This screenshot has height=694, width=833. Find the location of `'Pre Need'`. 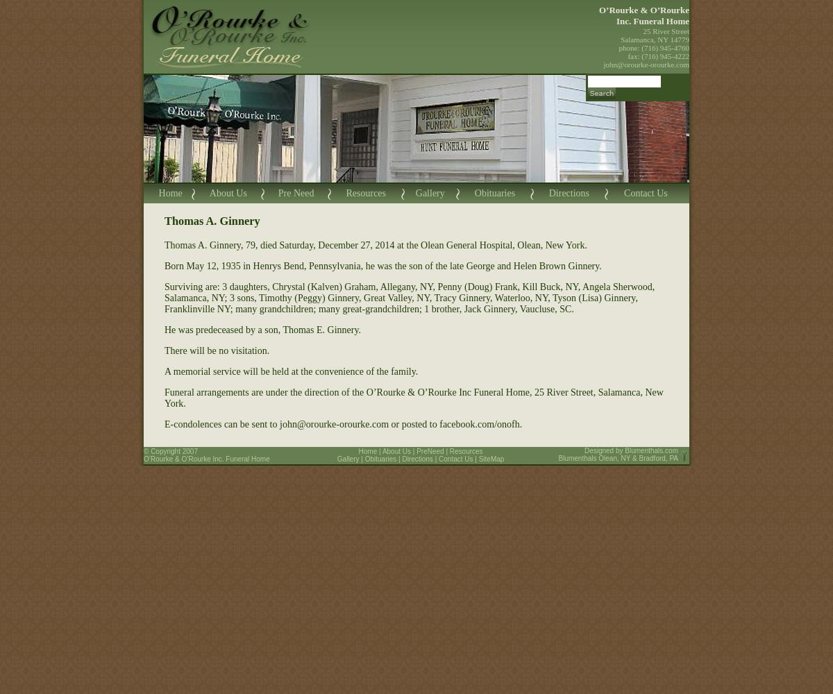

'Pre Need' is located at coordinates (296, 192).